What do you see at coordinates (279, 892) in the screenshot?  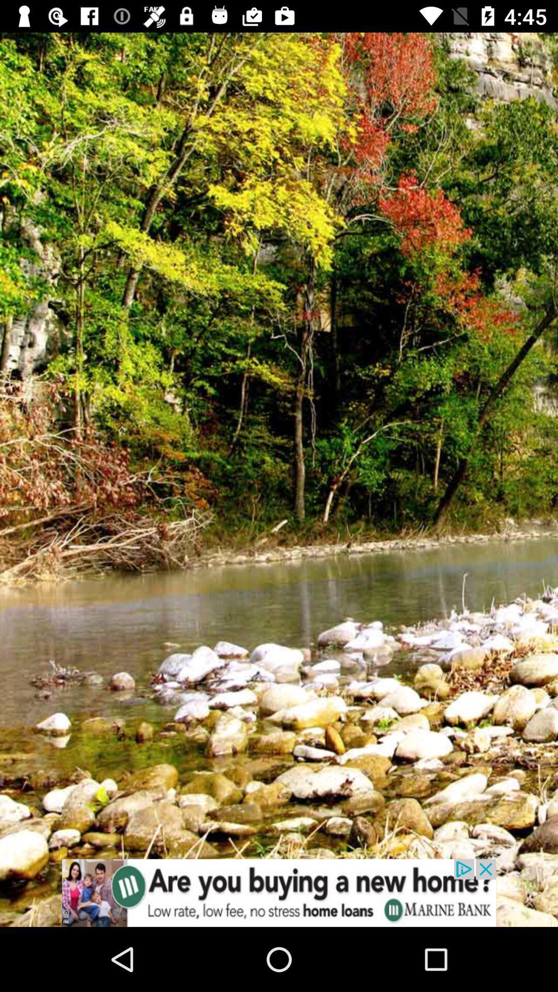 I see `advertisements about buying home` at bounding box center [279, 892].